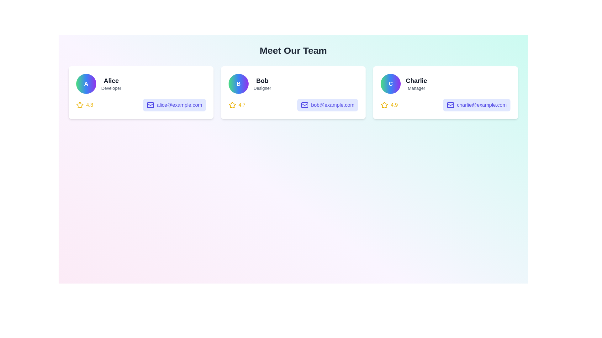  Describe the element at coordinates (84, 105) in the screenshot. I see `the Rating display unit for 'Alice', which is a combination of a yellow outlined star icon and the numeric rating '4.8' located in the bottom left corner of the card-like section` at that location.